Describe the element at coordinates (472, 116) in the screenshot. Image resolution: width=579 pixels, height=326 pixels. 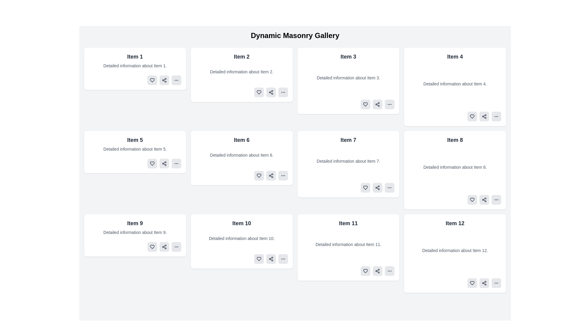
I see `the heart icon button located at the bottom-right corner of the card titled 'Item 4'` at that location.